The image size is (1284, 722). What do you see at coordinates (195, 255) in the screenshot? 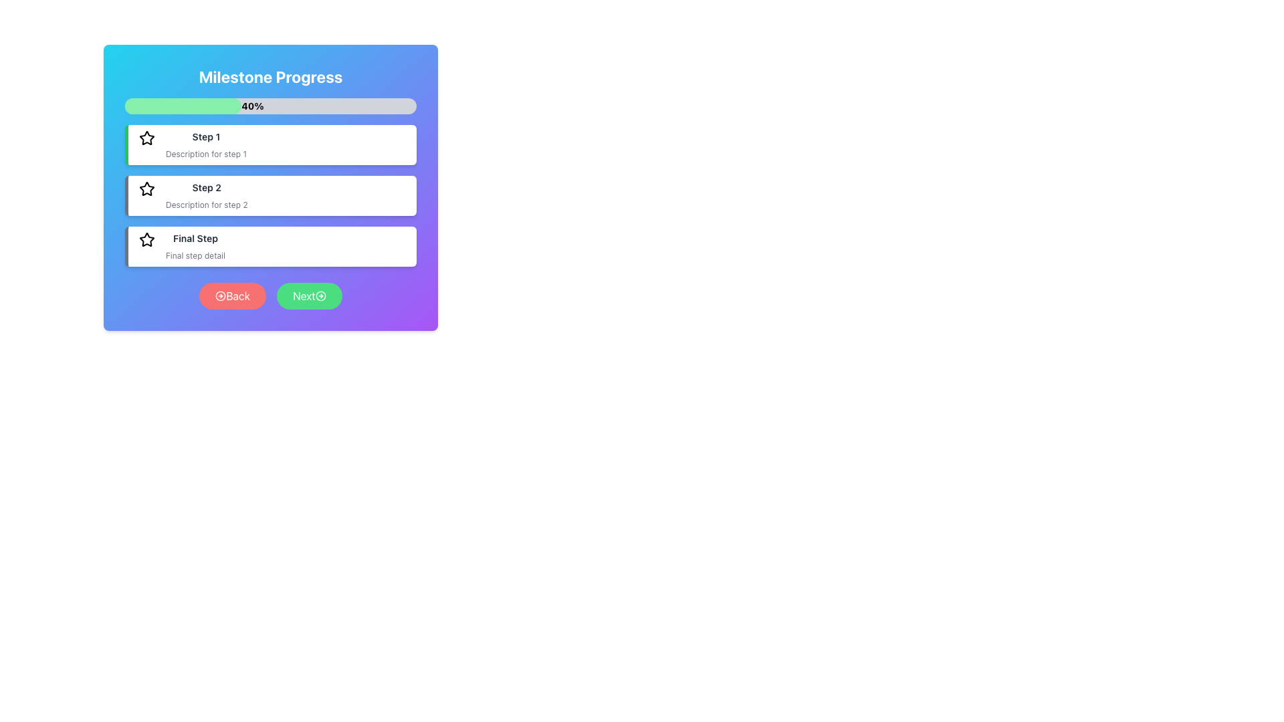
I see `text label that provides additional information about the 'Final Step' in the progress sequence, located below the title text 'Final Step'` at bounding box center [195, 255].